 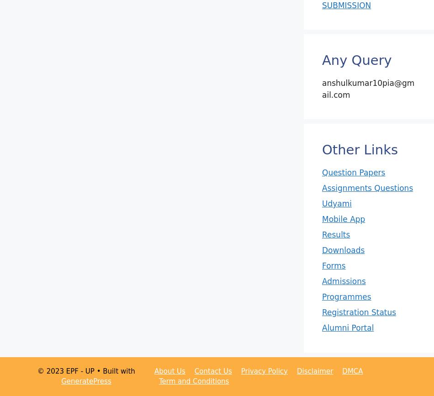 I want to click on 'Term and Conditions', so click(x=193, y=381).